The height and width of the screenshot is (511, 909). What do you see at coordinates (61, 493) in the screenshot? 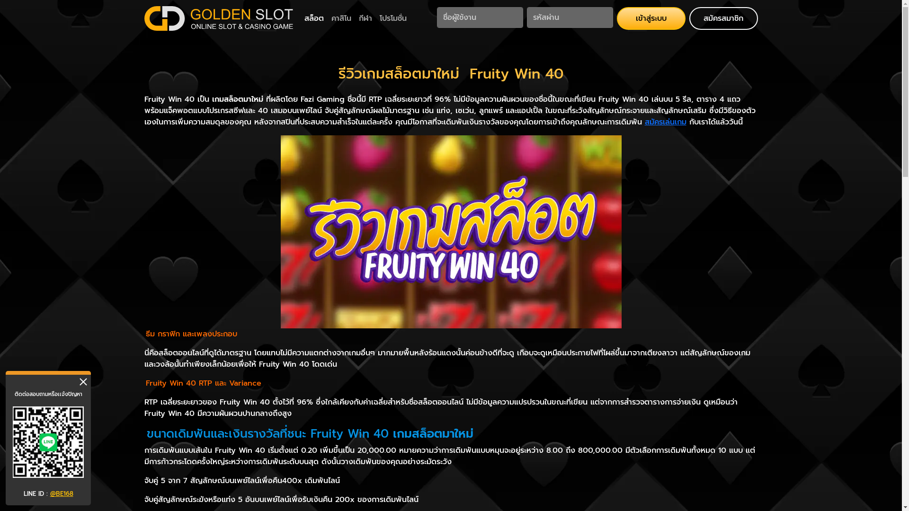
I see `'@BE168'` at bounding box center [61, 493].